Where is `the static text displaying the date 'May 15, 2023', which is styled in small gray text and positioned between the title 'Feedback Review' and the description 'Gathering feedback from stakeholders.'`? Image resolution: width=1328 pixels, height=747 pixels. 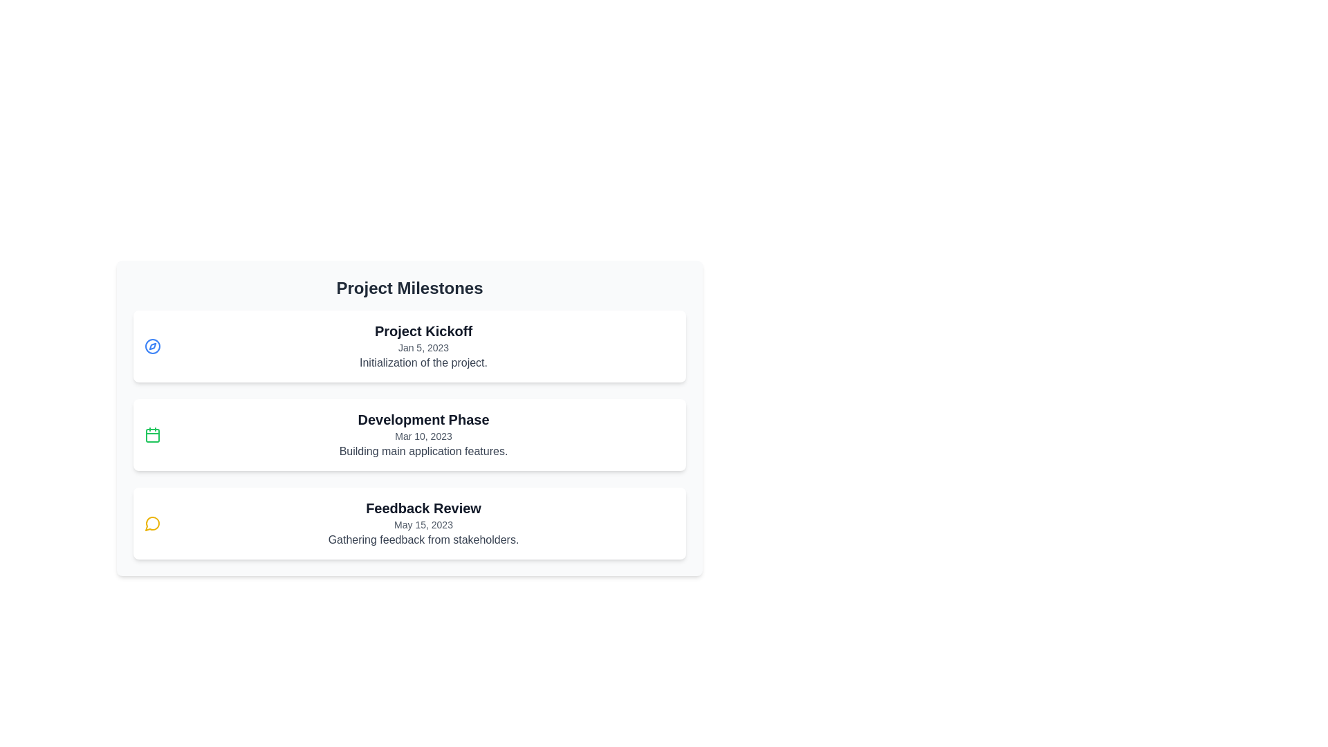 the static text displaying the date 'May 15, 2023', which is styled in small gray text and positioned between the title 'Feedback Review' and the description 'Gathering feedback from stakeholders.' is located at coordinates (423, 525).